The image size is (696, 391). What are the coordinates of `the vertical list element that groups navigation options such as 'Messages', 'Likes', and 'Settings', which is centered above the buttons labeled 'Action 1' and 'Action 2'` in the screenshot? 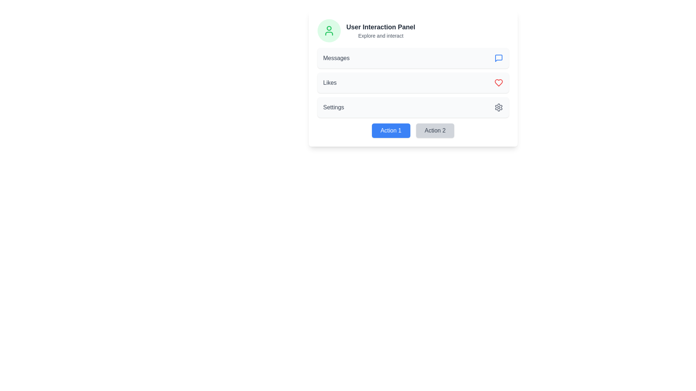 It's located at (413, 82).